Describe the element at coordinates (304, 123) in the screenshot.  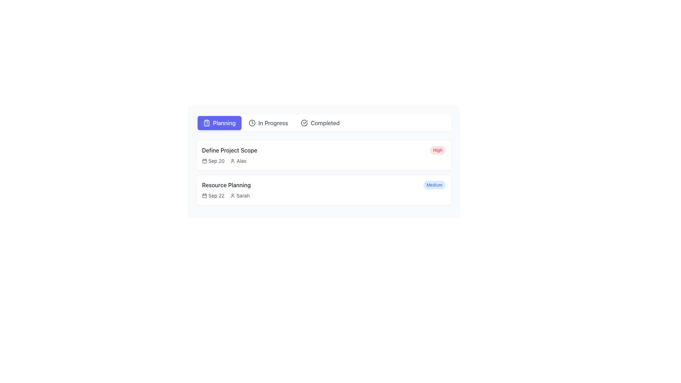
I see `the completion status icon located to the left of the 'Completed' text label in the tab-like navigation bar` at that location.